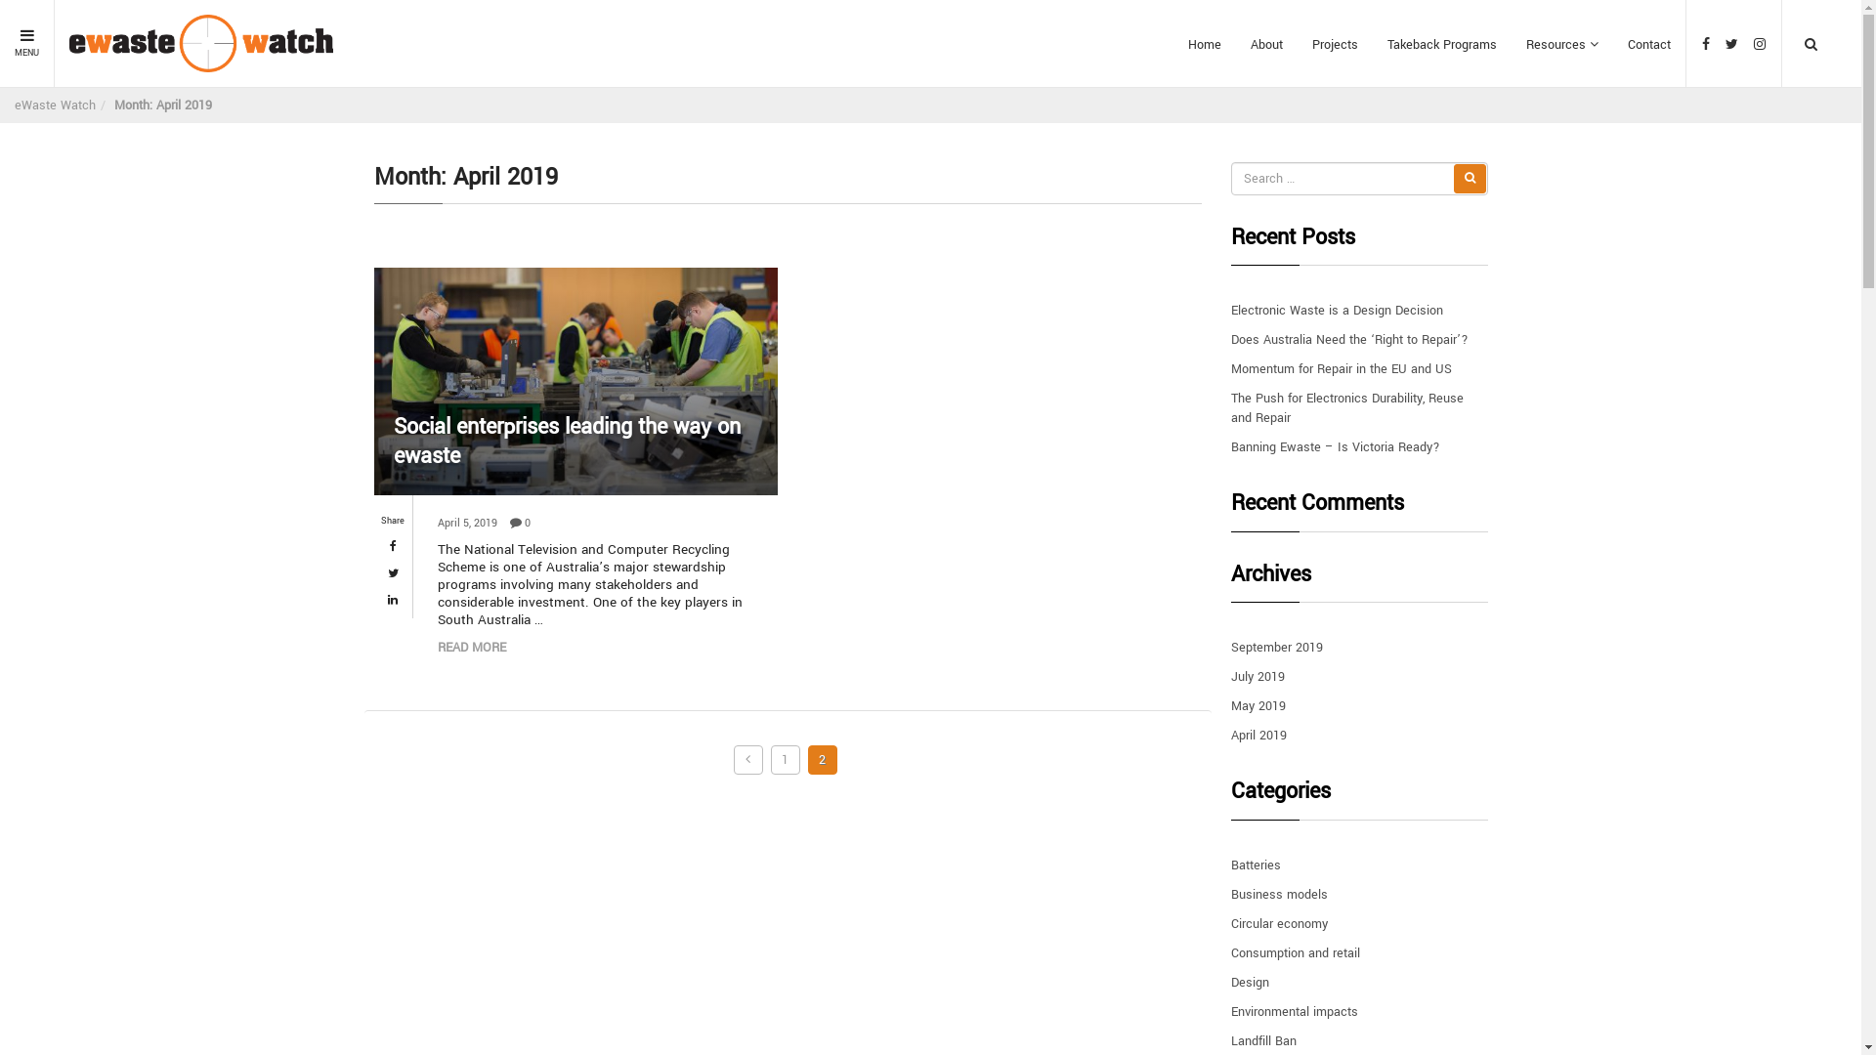 The height and width of the screenshot is (1055, 1876). What do you see at coordinates (1266, 44) in the screenshot?
I see `'About'` at bounding box center [1266, 44].